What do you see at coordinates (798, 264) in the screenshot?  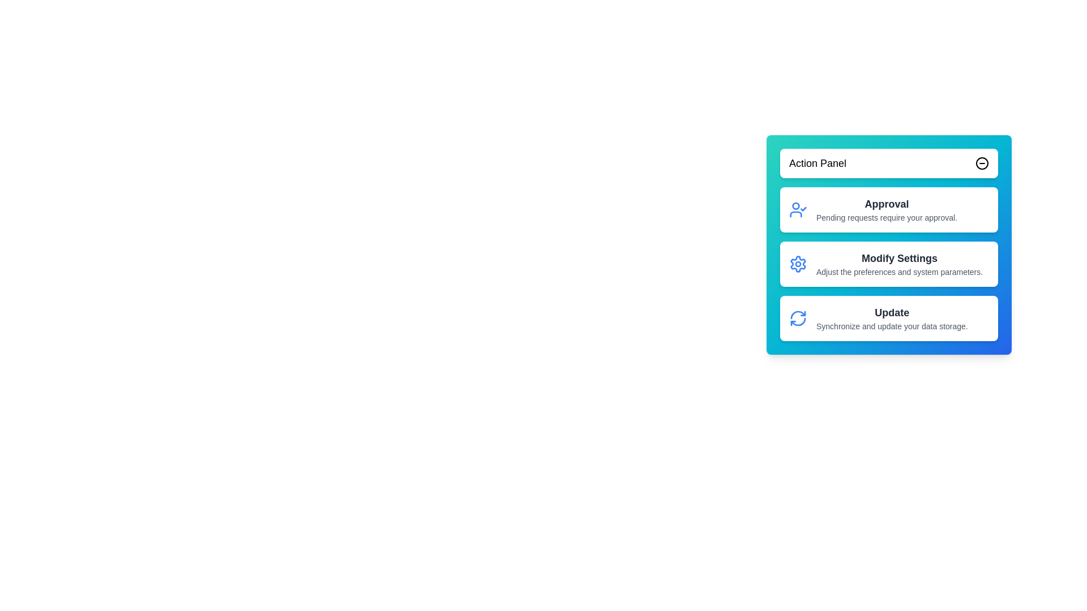 I see `the icon associated with the action Modify Settings` at bounding box center [798, 264].